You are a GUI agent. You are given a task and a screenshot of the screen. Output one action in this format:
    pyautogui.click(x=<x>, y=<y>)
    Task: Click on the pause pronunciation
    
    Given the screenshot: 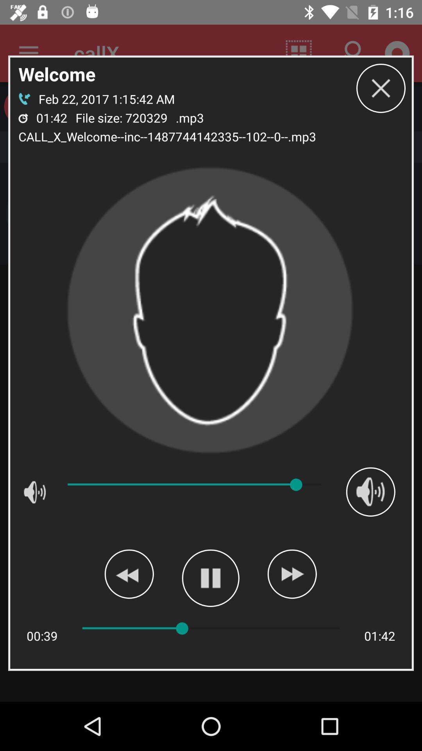 What is the action you would take?
    pyautogui.click(x=210, y=578)
    